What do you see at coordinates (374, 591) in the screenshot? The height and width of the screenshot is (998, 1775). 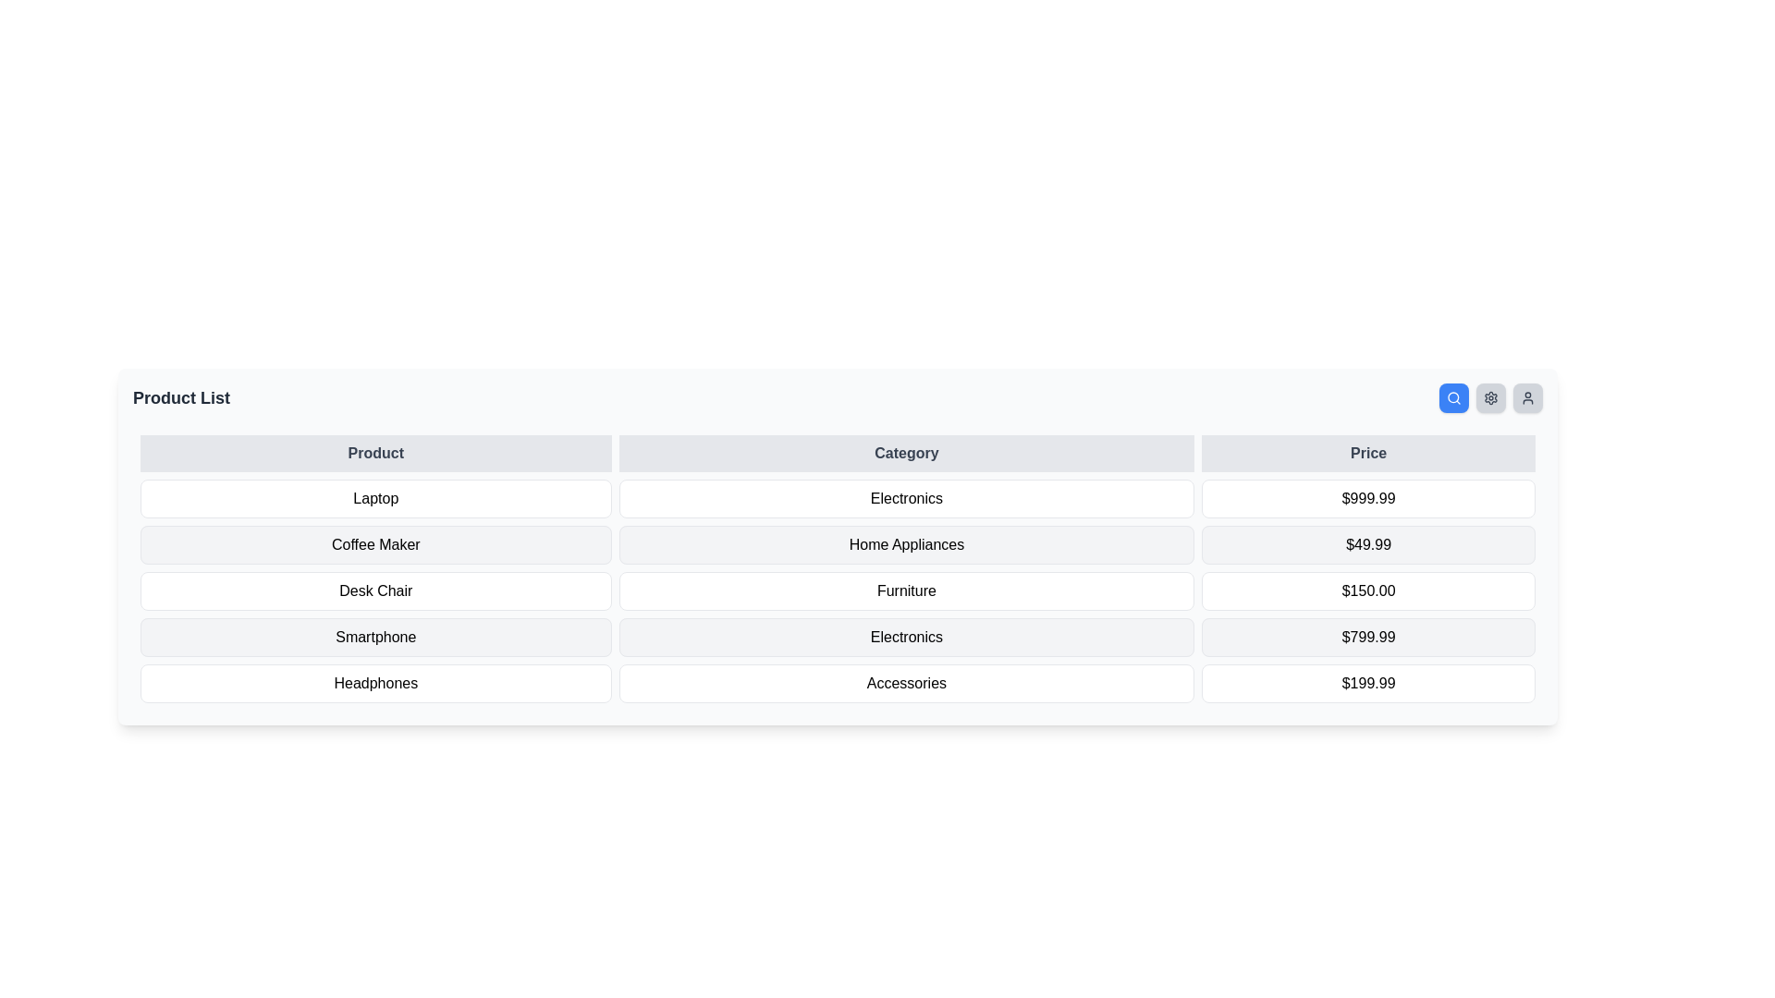 I see `the 'Desk Chair' text label in the second row of the product list table, which identifies the product and aligns with its category and price` at bounding box center [374, 591].